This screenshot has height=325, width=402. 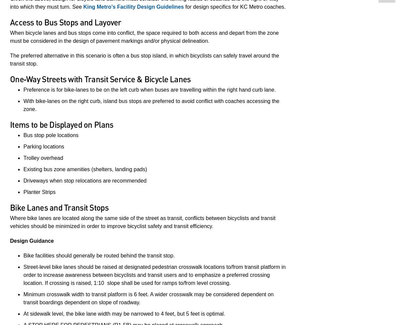 What do you see at coordinates (149, 89) in the screenshot?
I see `'Preference is for bike‐lanes to be on the left curb when buses are travelling within the right hand curb lane.'` at bounding box center [149, 89].